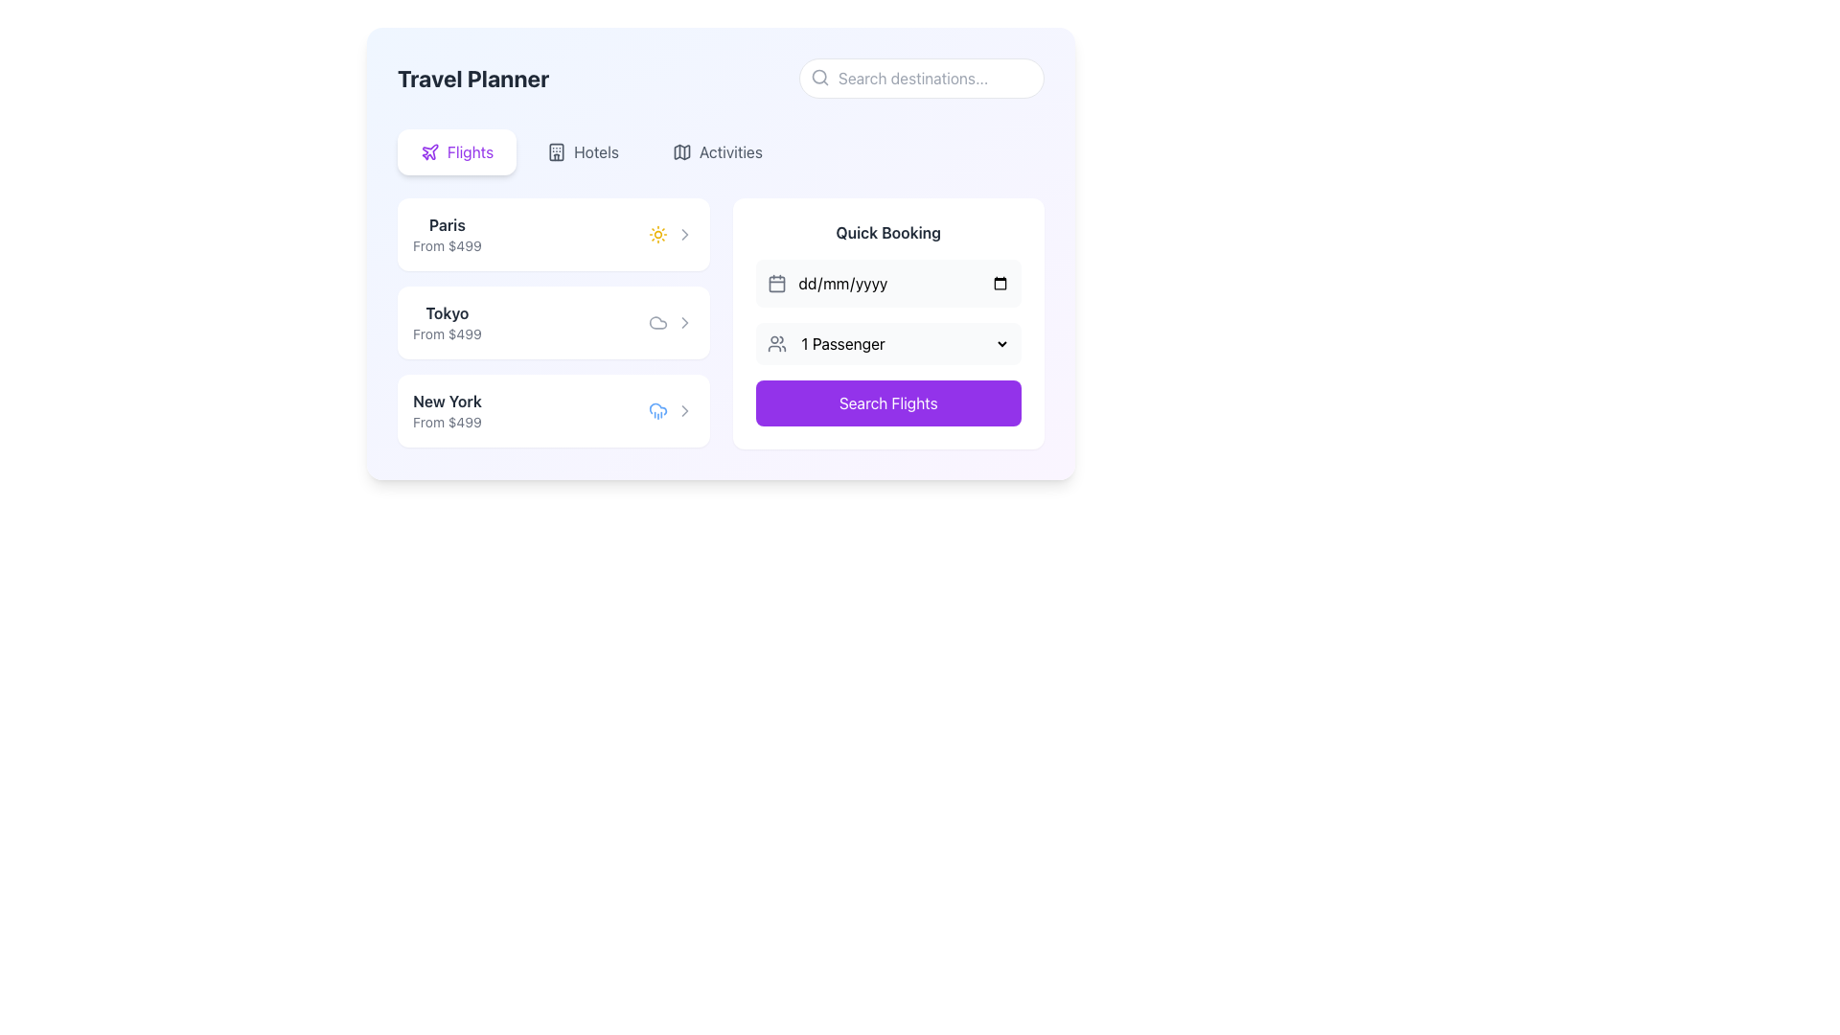 The image size is (1840, 1035). I want to click on the graphic icon depicting a building, which is located immediately to the left of the 'Hotels' text label in the navigation bar at the top, so click(556, 150).